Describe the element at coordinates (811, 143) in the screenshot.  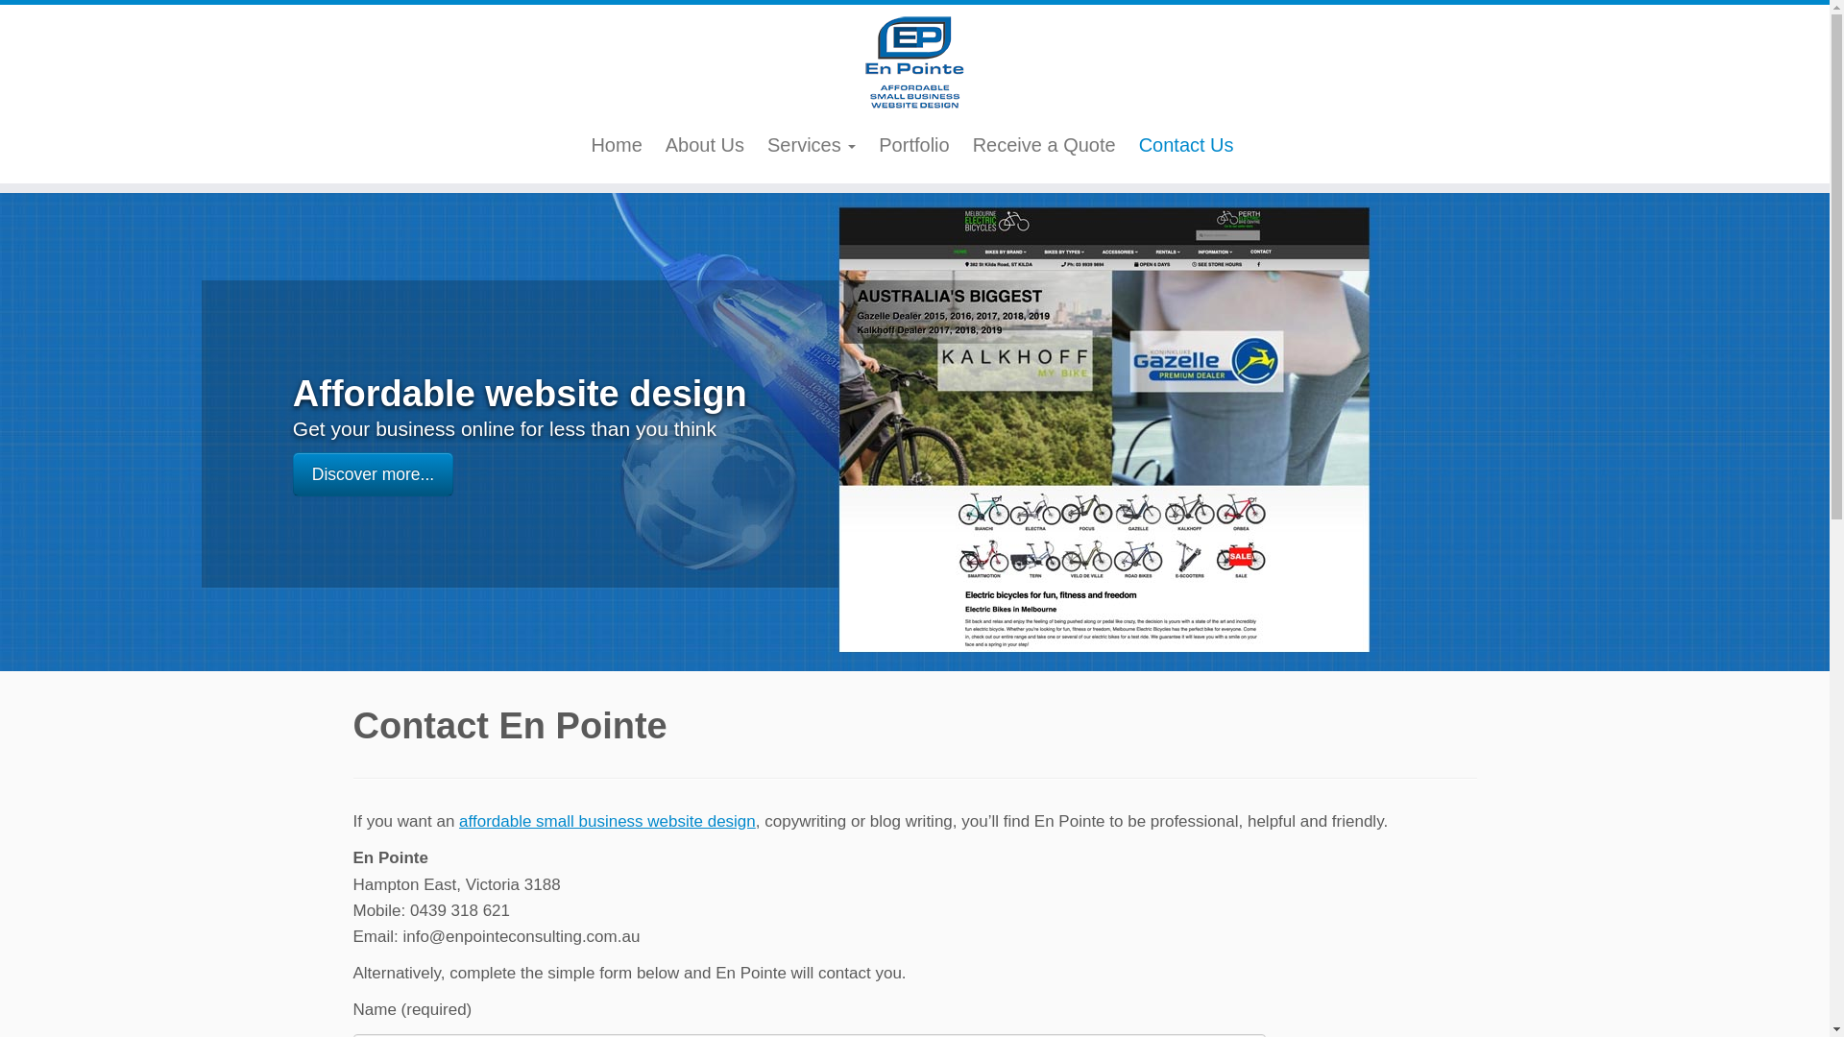
I see `'Services'` at that location.